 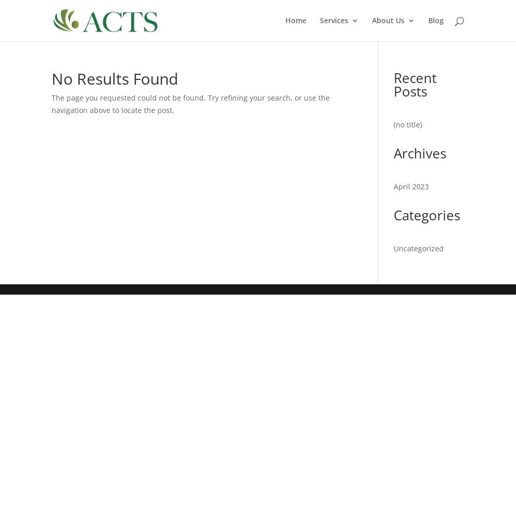 I want to click on 'No Results Found', so click(x=114, y=78).